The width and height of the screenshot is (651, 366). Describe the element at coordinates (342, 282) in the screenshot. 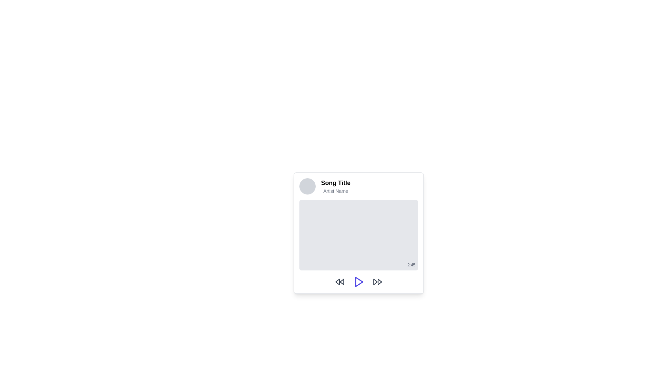

I see `the triangular play button pointing to the left, which signifies a rewind action and is located in the bottom center of the card interface containing song information` at that location.